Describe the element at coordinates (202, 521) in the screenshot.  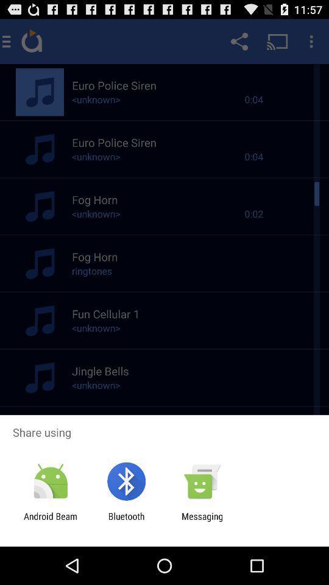
I see `the item next to the bluetooth` at that location.